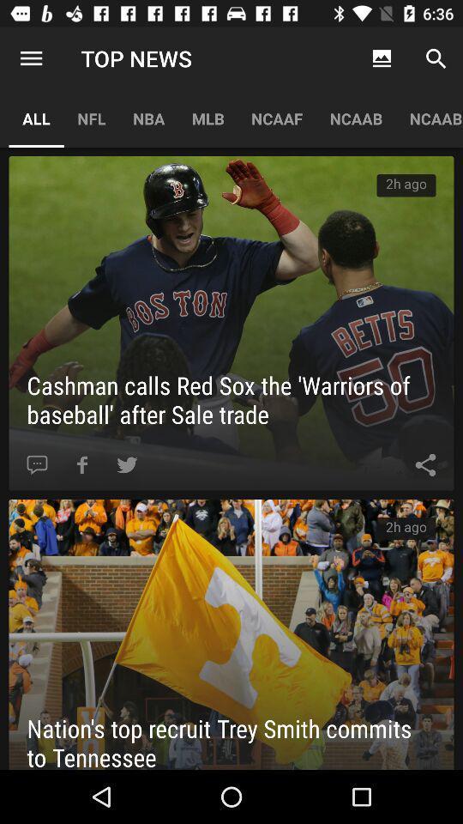 Image resolution: width=463 pixels, height=824 pixels. Describe the element at coordinates (36, 118) in the screenshot. I see `all item` at that location.